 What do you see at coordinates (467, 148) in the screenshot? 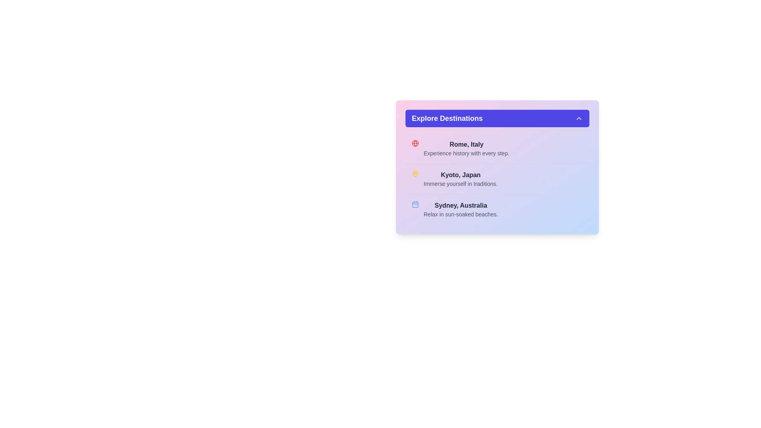
I see `the text block presenting information about the travel destination Rome, Italy` at bounding box center [467, 148].